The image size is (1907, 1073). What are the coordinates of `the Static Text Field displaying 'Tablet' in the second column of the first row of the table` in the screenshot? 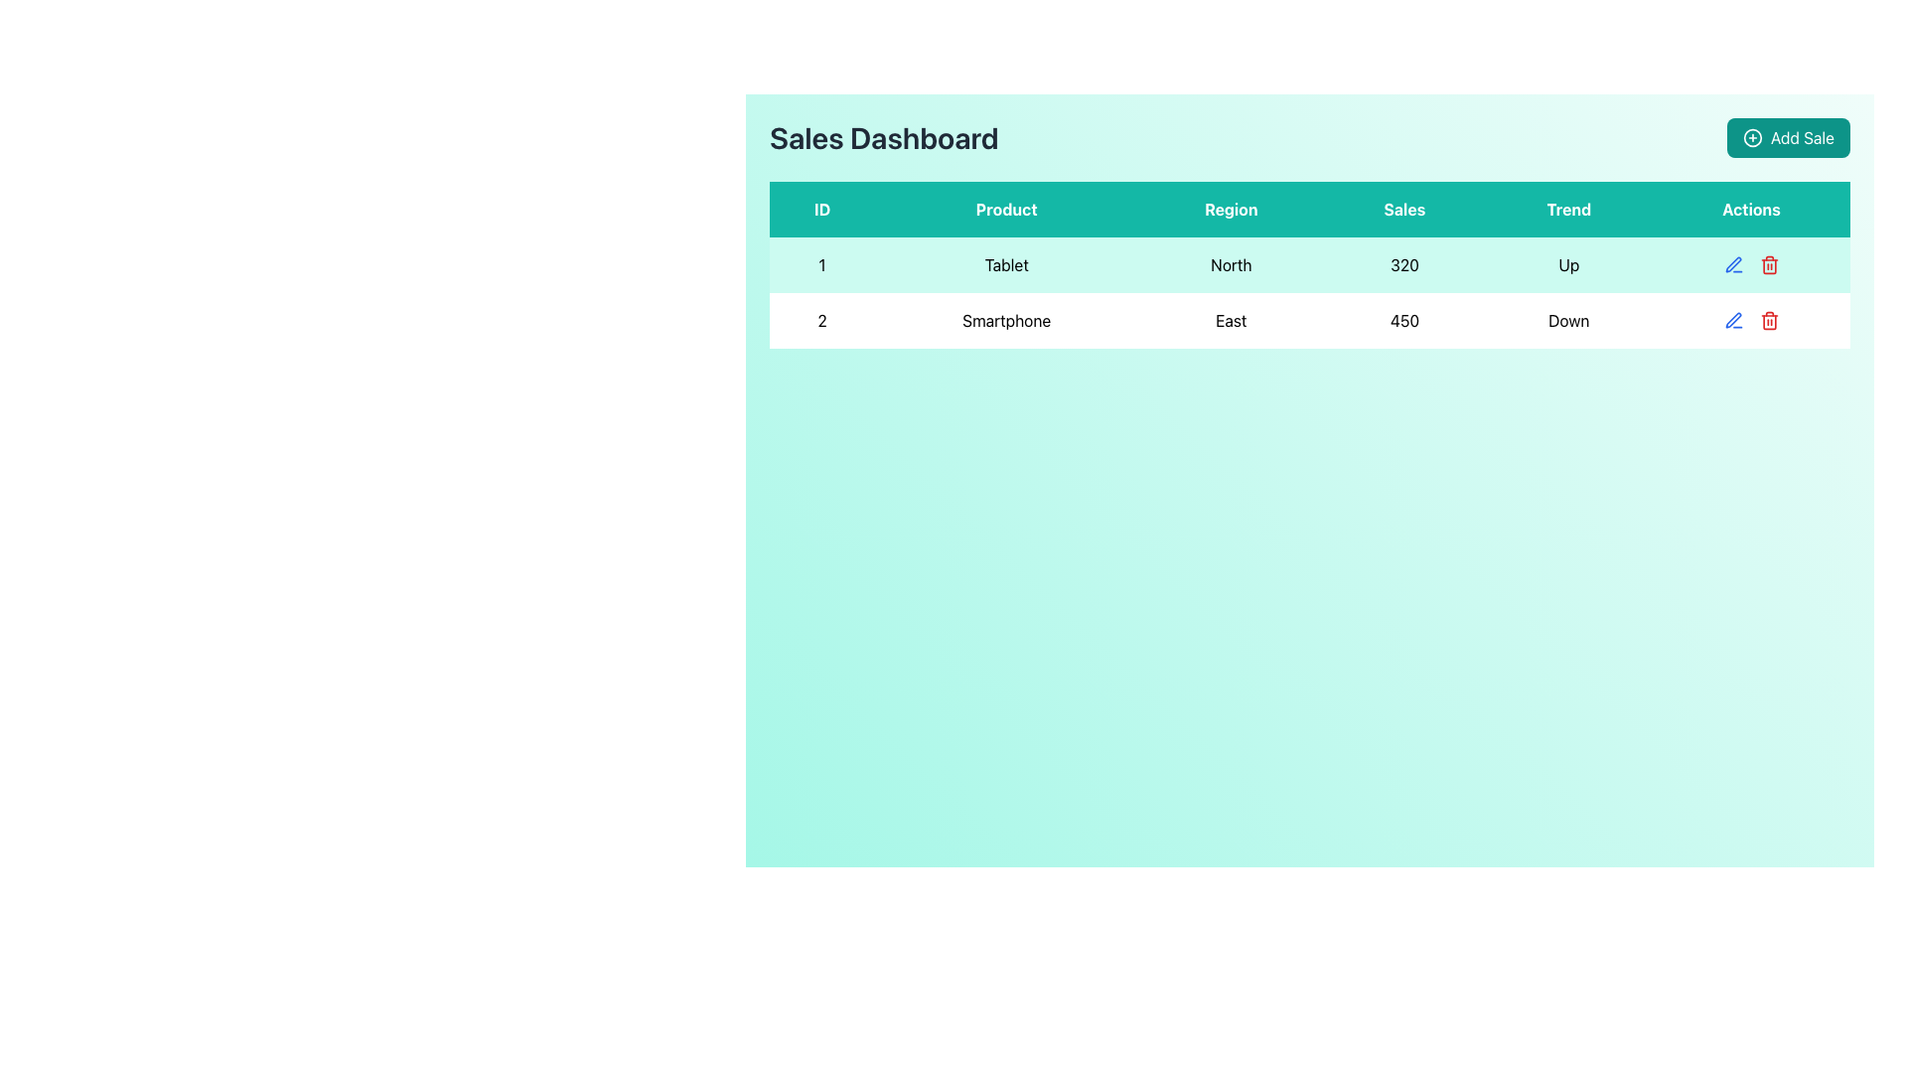 It's located at (1006, 263).